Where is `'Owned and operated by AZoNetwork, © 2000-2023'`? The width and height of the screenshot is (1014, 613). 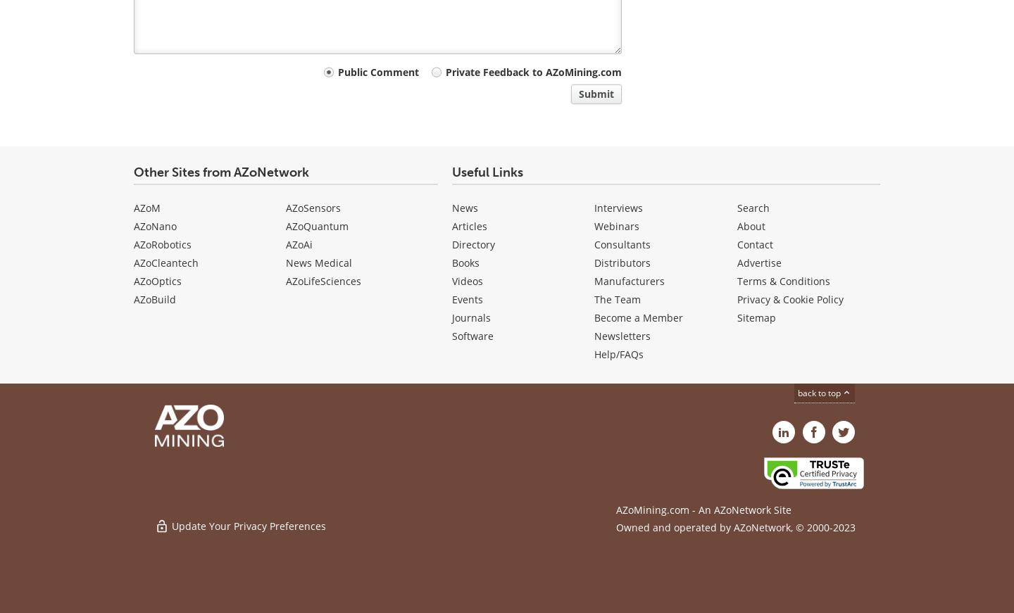 'Owned and operated by AZoNetwork, © 2000-2023' is located at coordinates (736, 527).